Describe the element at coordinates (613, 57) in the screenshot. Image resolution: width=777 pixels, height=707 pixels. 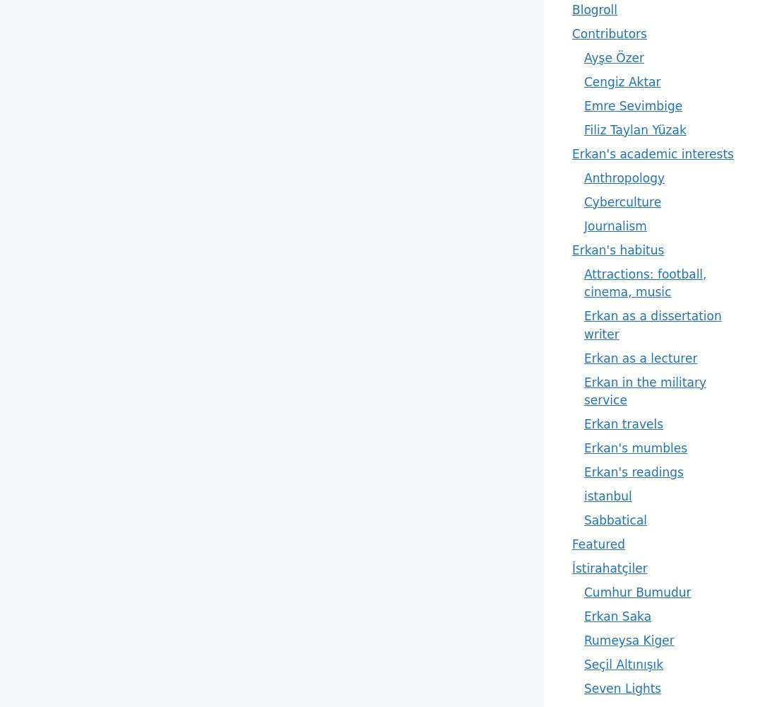
I see `'Ayşe Özer'` at that location.